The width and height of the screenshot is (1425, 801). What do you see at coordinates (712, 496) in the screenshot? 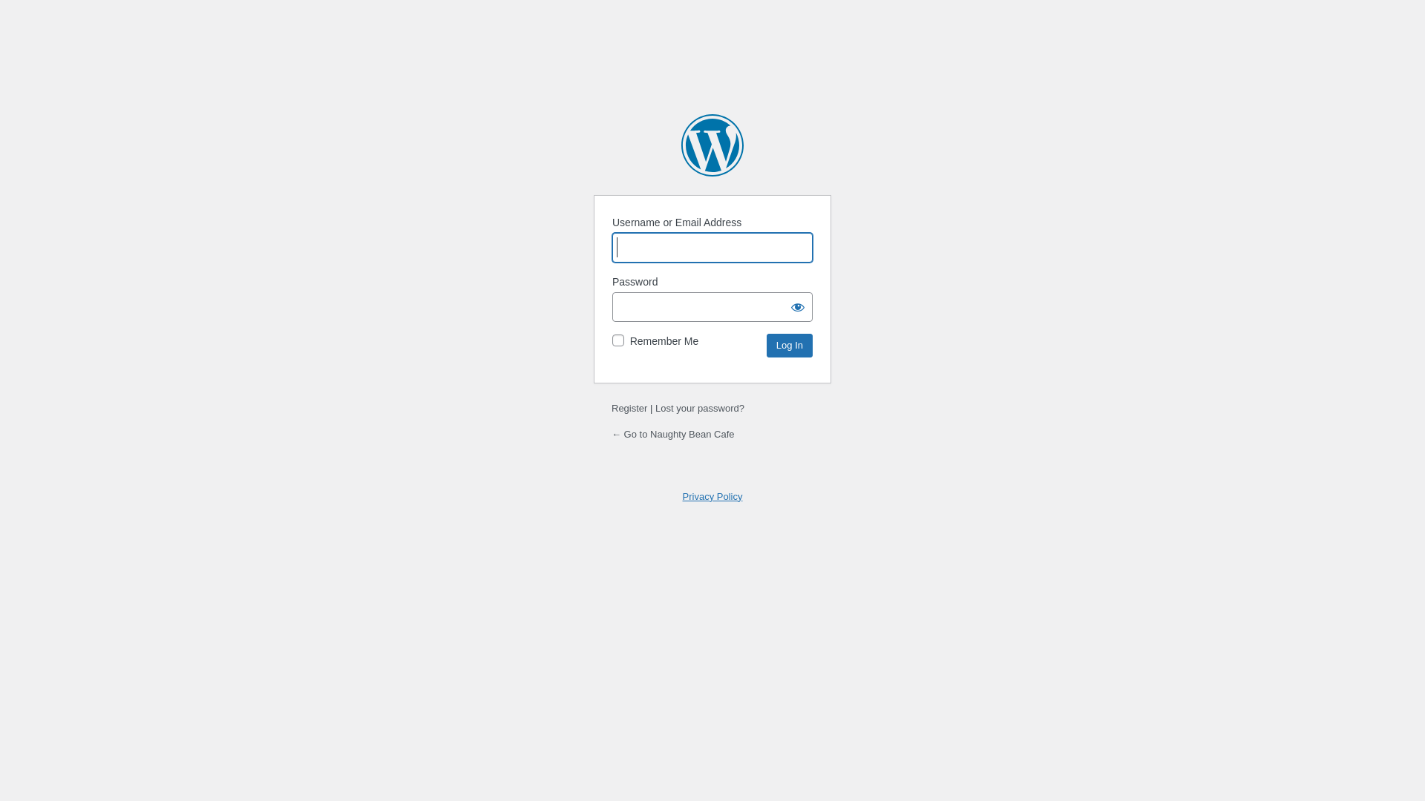
I see `'Privacy Policy'` at bounding box center [712, 496].